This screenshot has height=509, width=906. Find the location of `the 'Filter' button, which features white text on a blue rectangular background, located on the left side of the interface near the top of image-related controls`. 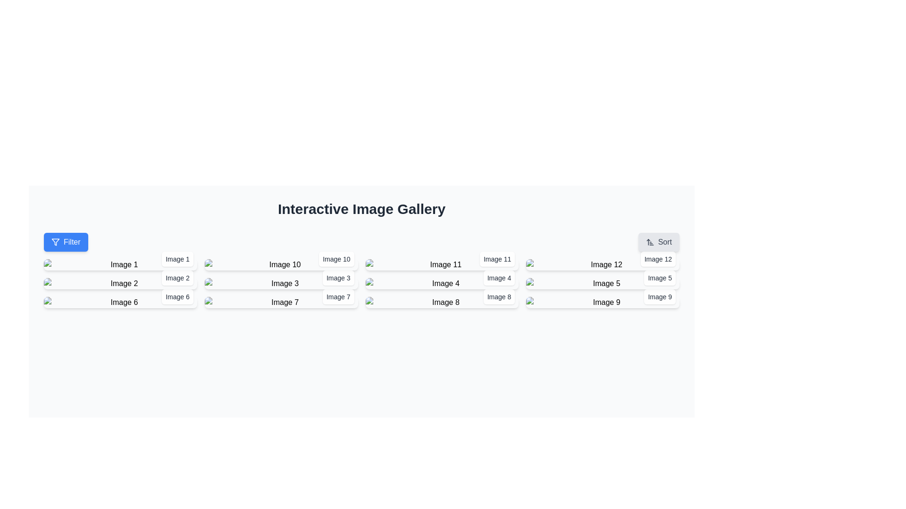

the 'Filter' button, which features white text on a blue rectangular background, located on the left side of the interface near the top of image-related controls is located at coordinates (71, 241).